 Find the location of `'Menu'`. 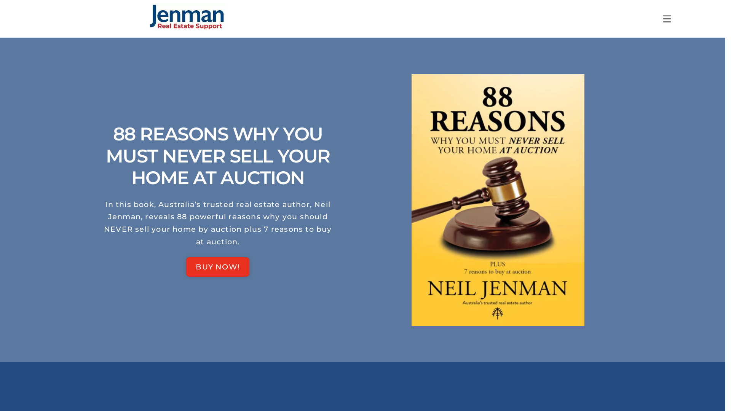

'Menu' is located at coordinates (659, 18).